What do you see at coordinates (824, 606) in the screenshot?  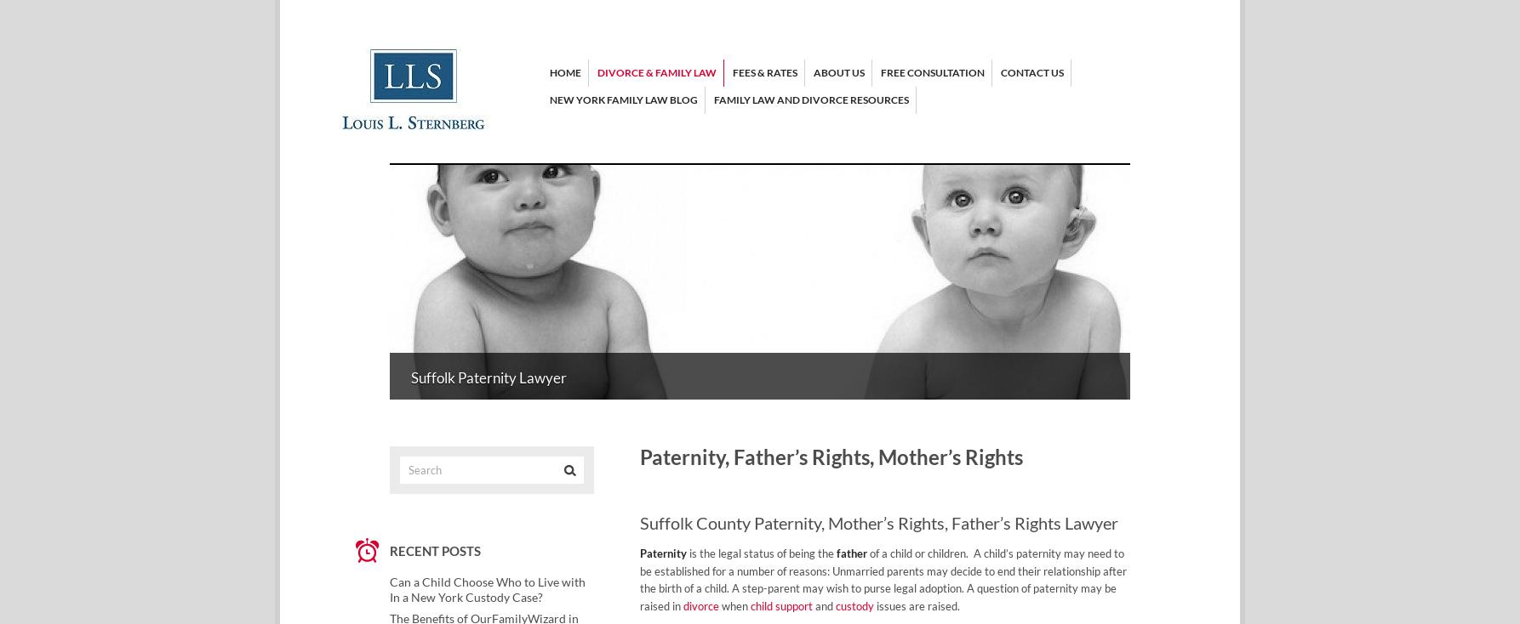 I see `'and'` at bounding box center [824, 606].